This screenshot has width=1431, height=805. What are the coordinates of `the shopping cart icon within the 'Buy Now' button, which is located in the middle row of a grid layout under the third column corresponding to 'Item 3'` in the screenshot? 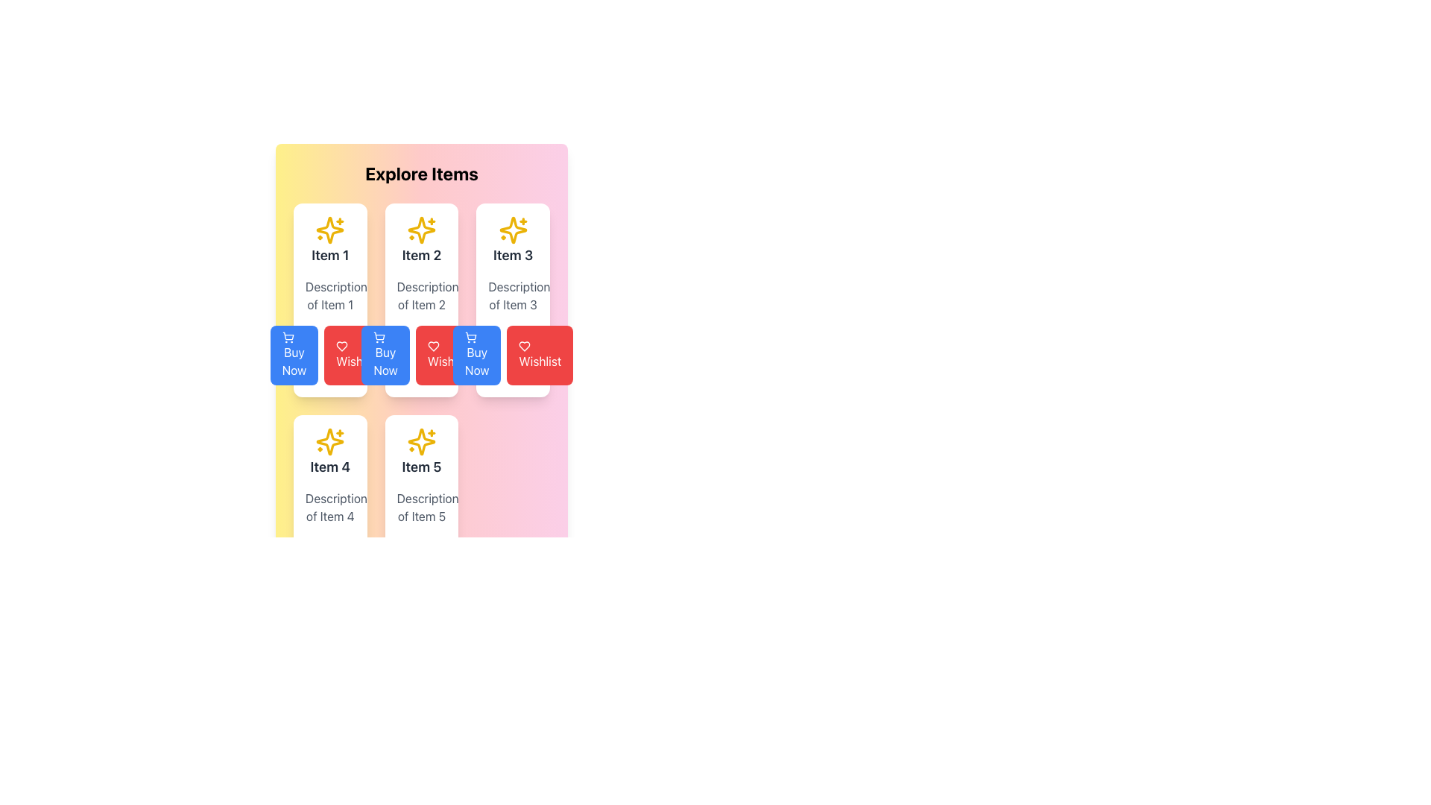 It's located at (470, 337).